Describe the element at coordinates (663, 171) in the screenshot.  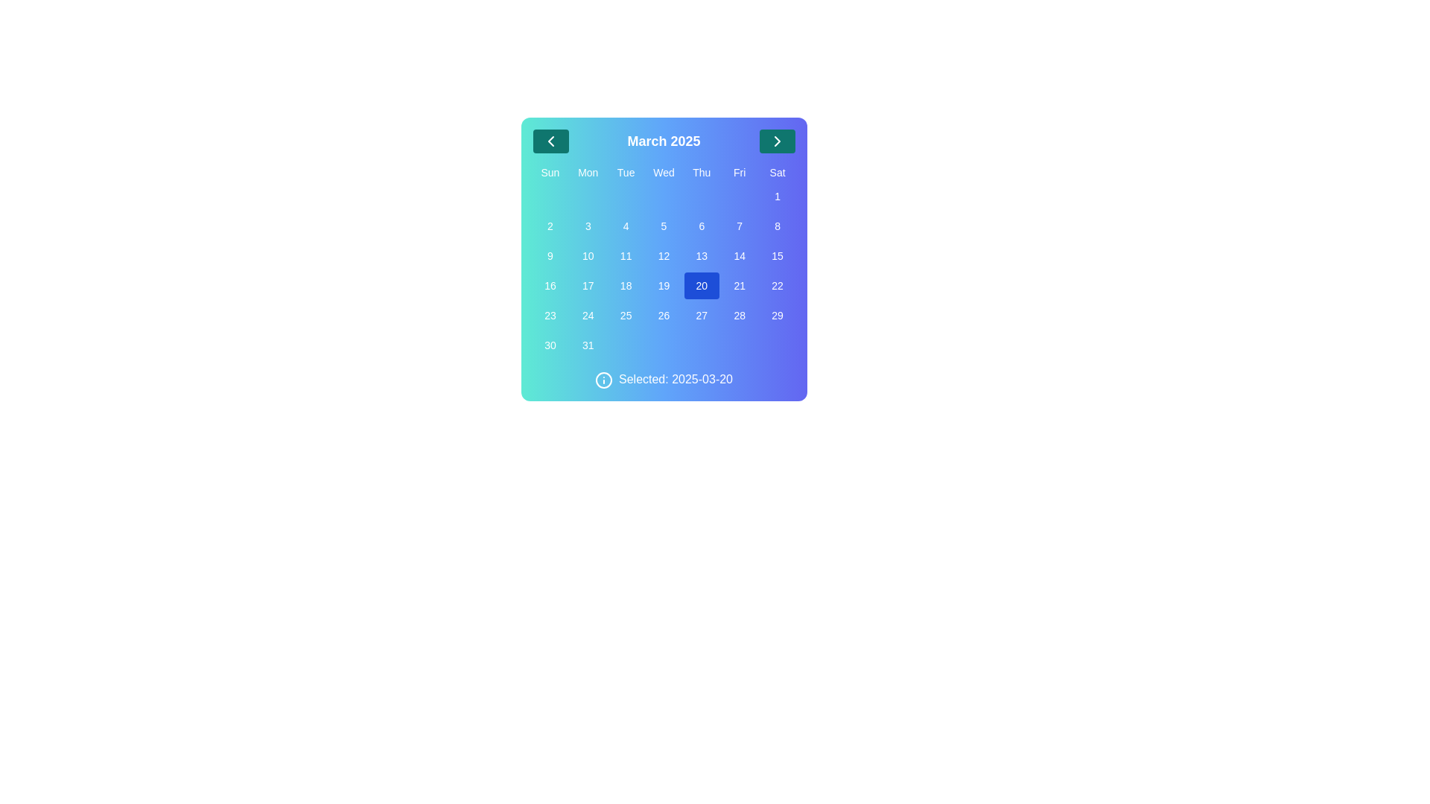
I see `the Static Label displaying 'Wed', located in the fourth column of the calendar header` at that location.